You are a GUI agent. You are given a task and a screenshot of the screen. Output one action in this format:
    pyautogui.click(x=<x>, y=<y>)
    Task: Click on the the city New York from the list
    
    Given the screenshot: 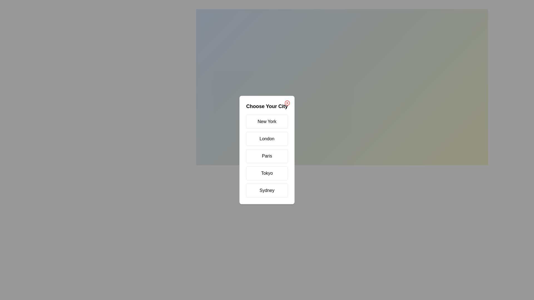 What is the action you would take?
    pyautogui.click(x=267, y=121)
    